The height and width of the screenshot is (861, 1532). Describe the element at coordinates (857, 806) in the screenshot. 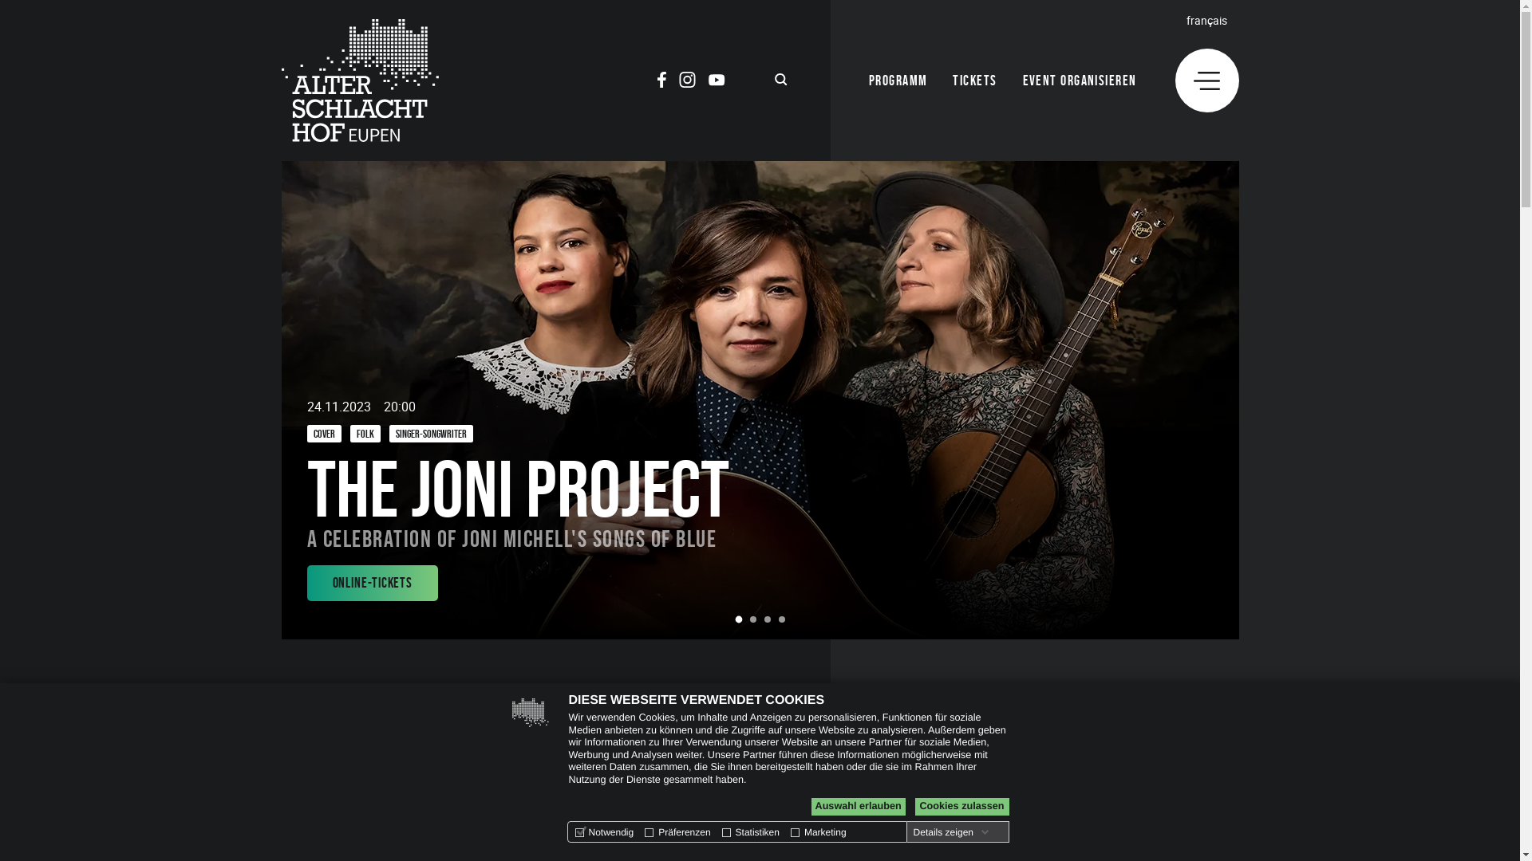

I see `'Auswahl erlauben'` at that location.